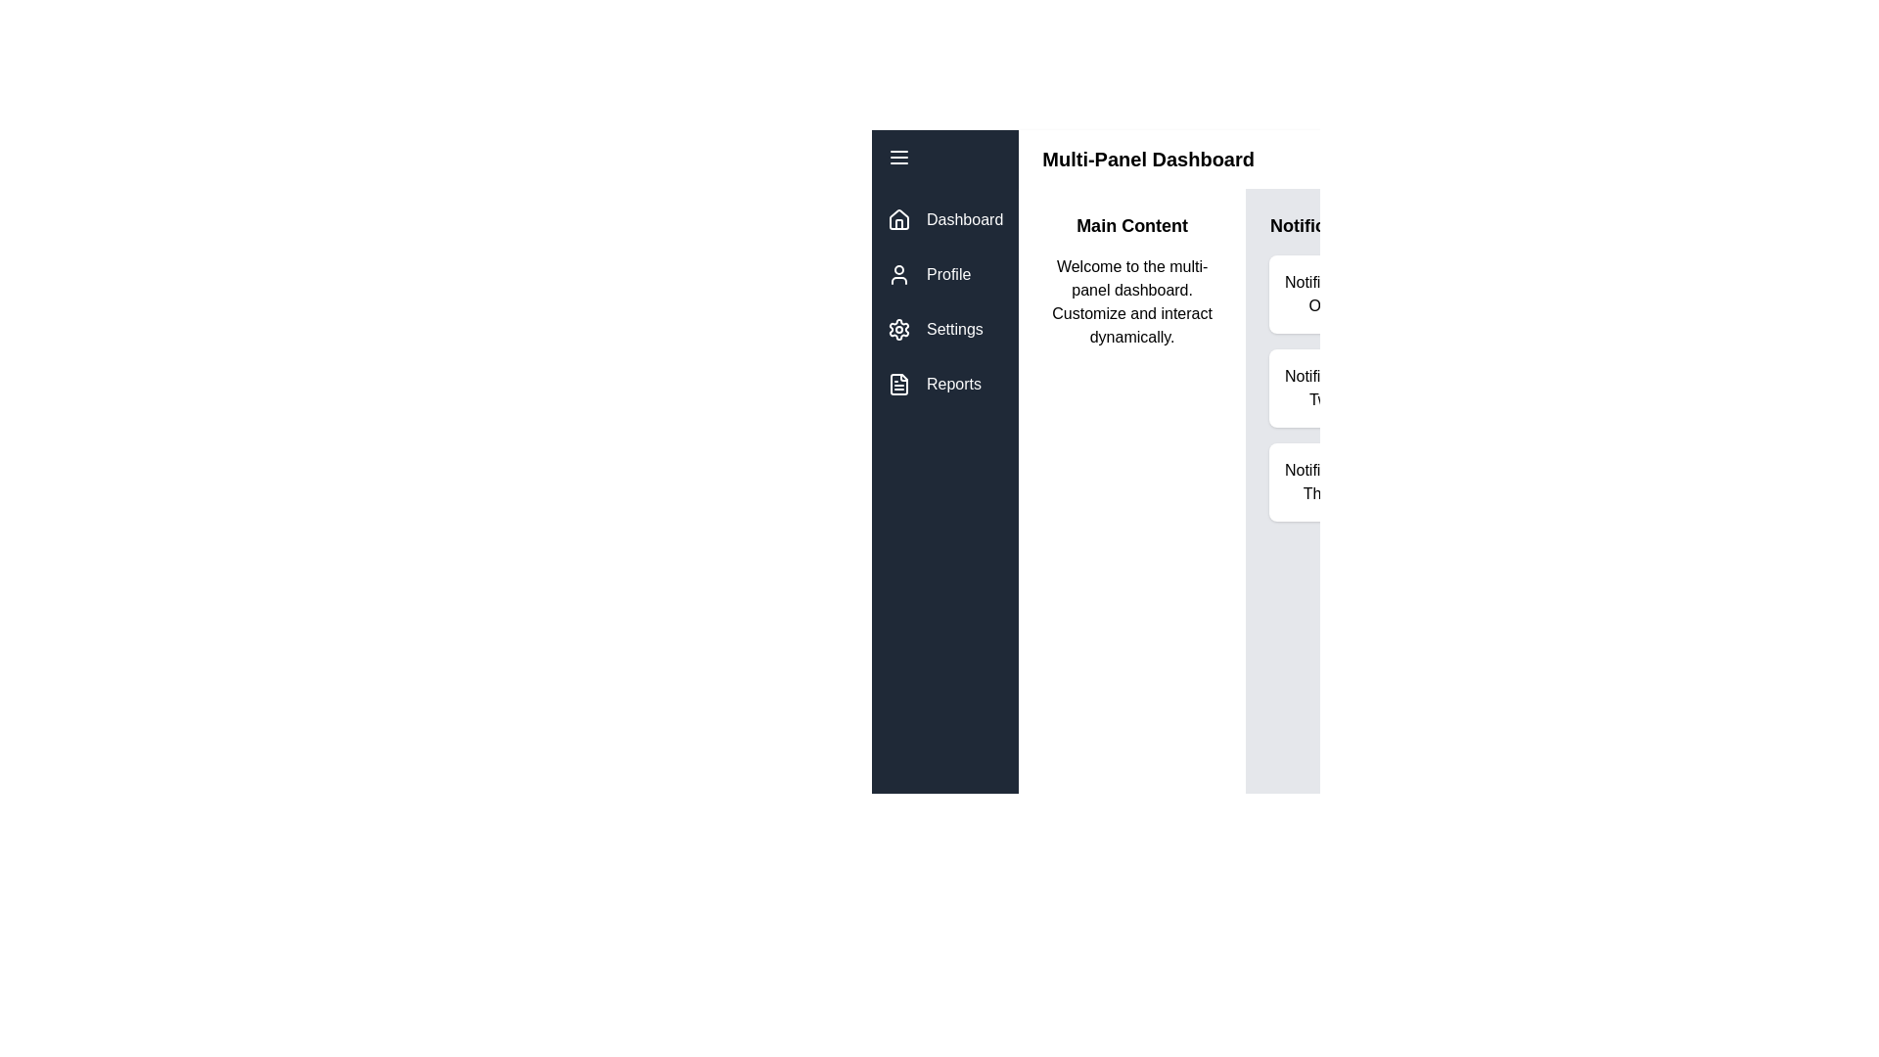 This screenshot has width=1879, height=1057. What do you see at coordinates (897, 218) in the screenshot?
I see `the house icon located at the top of the sidebar next to the 'Dashboard' text` at bounding box center [897, 218].